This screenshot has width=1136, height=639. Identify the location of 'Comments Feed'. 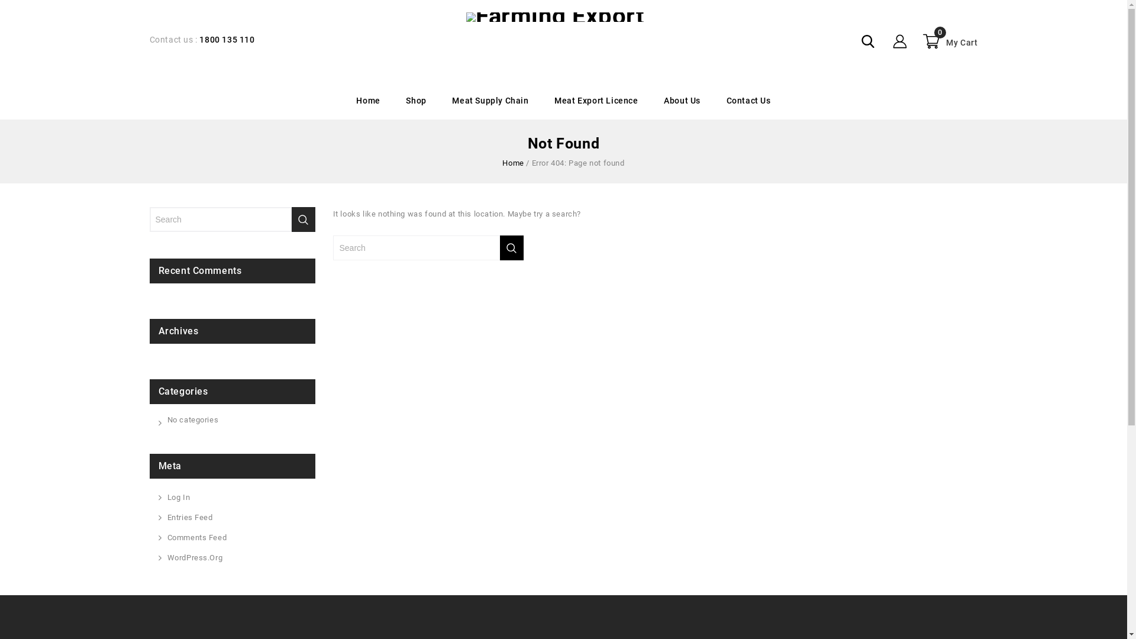
(166, 538).